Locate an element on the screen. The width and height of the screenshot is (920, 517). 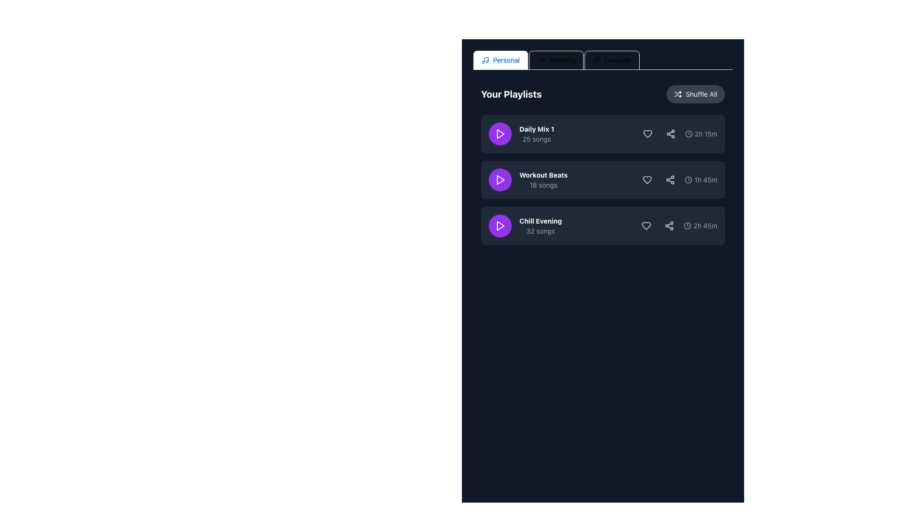
the second share icon, which is a gray graphical depiction of three connected circles arranged in a triangular formation, located to the right of the 'Workout Beats' row in the playlist section, to initiate sharing options is located at coordinates (670, 180).